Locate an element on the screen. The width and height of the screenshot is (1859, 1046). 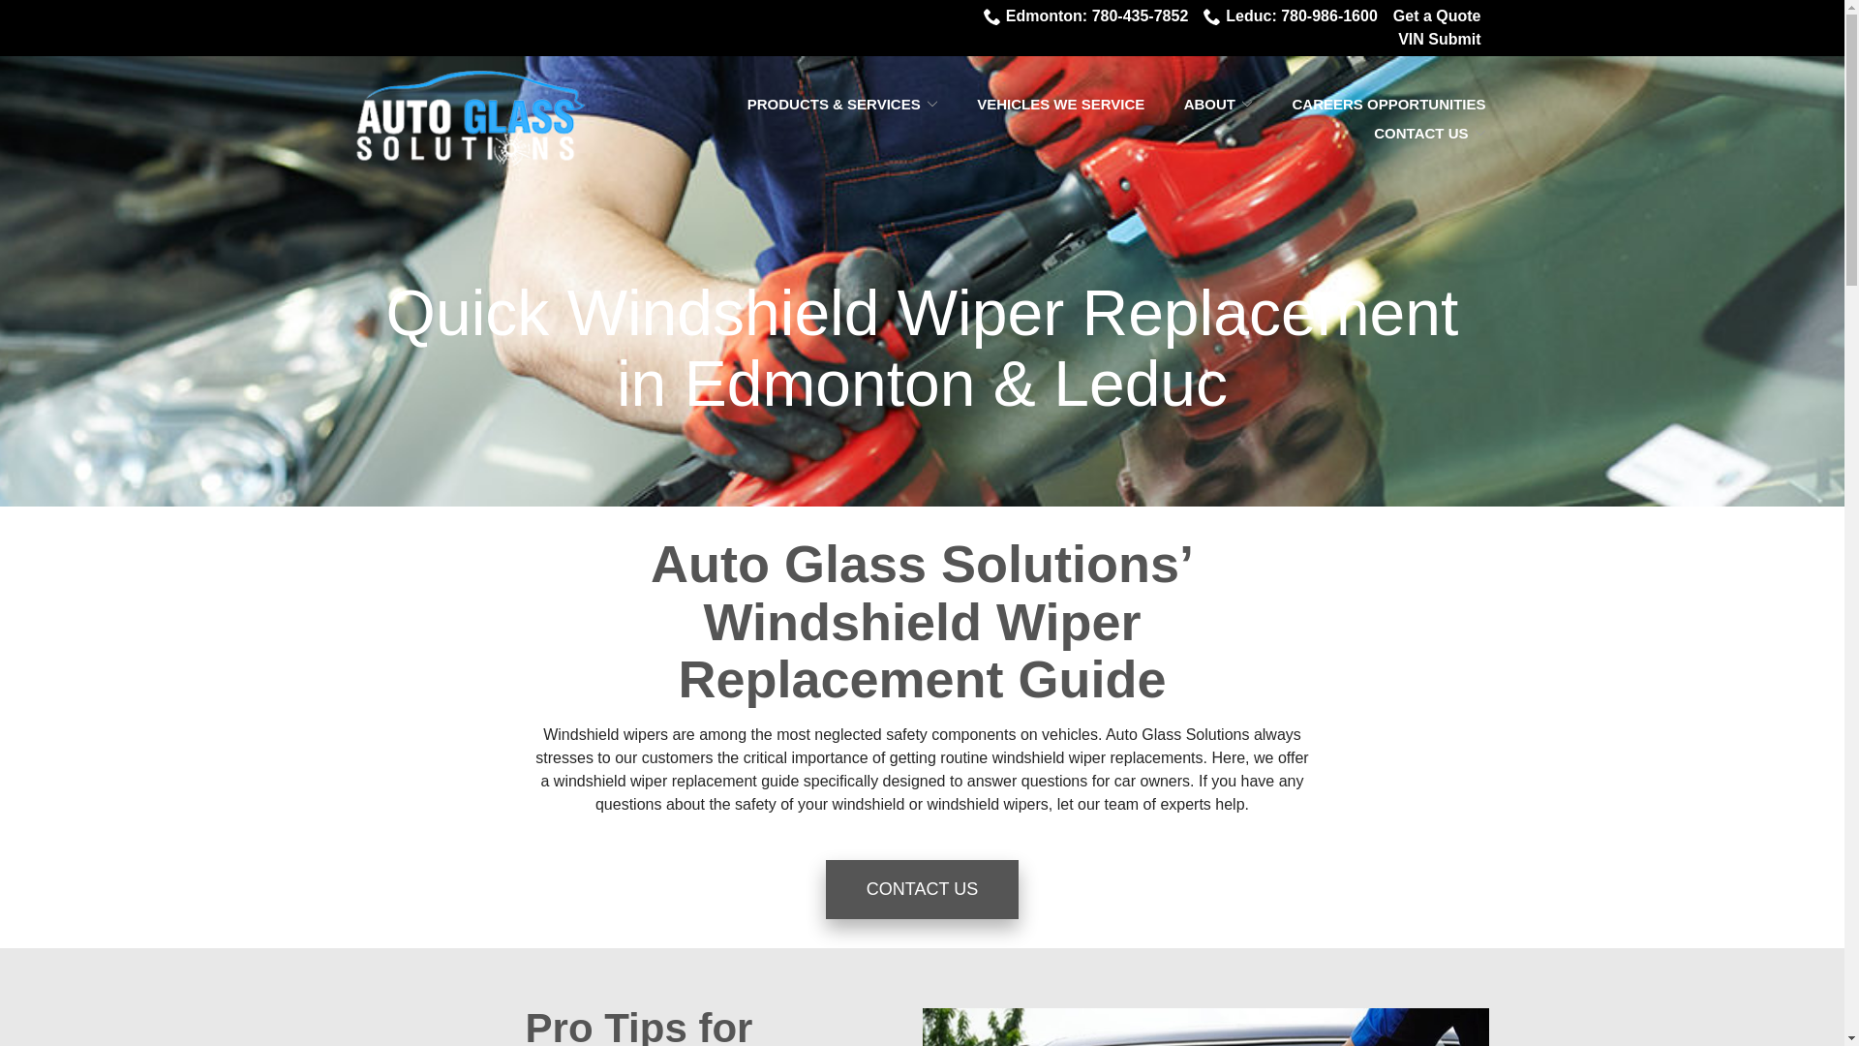
'CAREERS OPPORTUNITIES' is located at coordinates (1292, 104).